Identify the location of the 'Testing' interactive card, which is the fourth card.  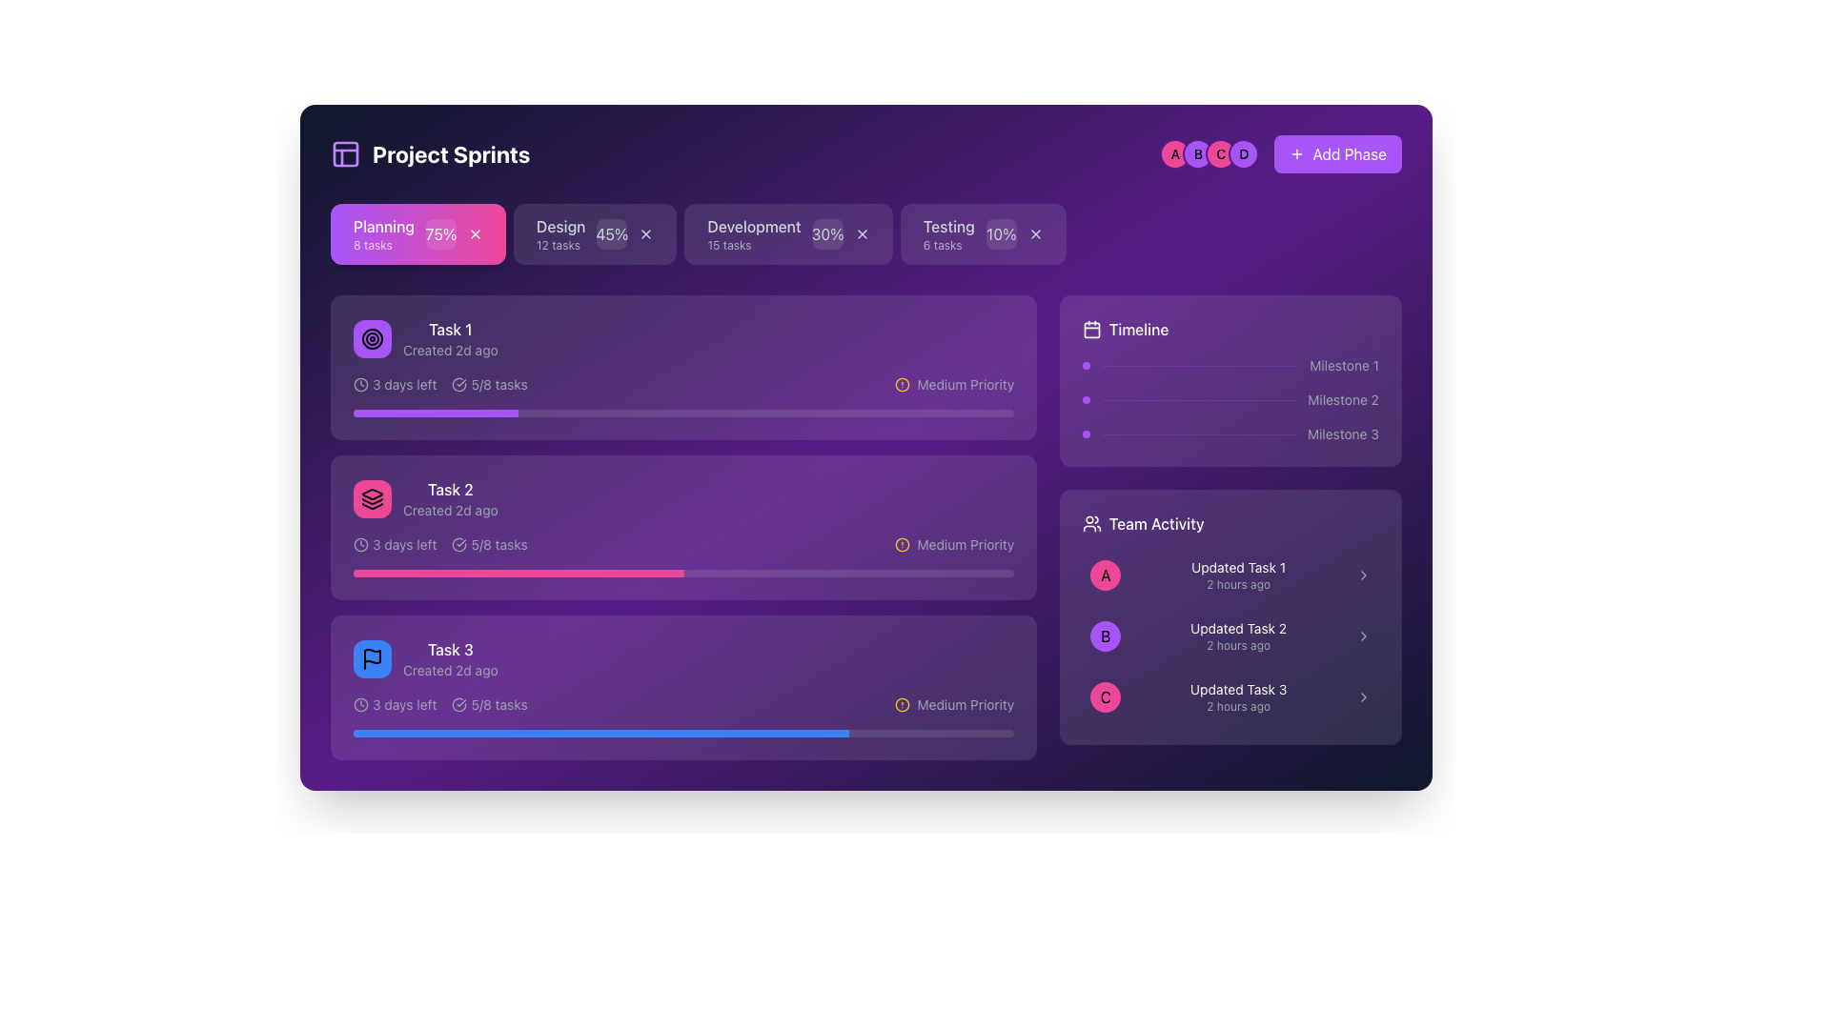
(983, 233).